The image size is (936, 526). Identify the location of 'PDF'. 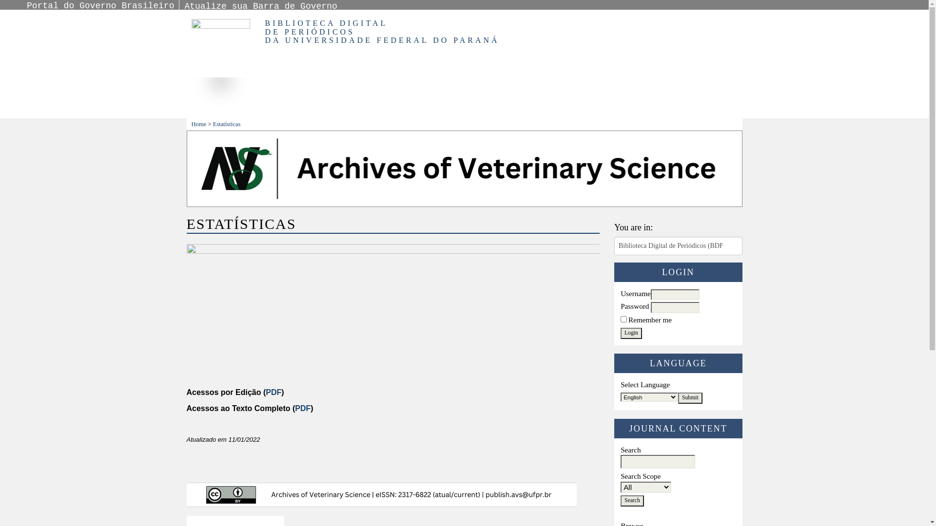
(302, 408).